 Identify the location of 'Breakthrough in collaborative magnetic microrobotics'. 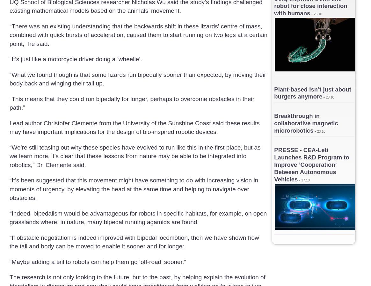
(305, 123).